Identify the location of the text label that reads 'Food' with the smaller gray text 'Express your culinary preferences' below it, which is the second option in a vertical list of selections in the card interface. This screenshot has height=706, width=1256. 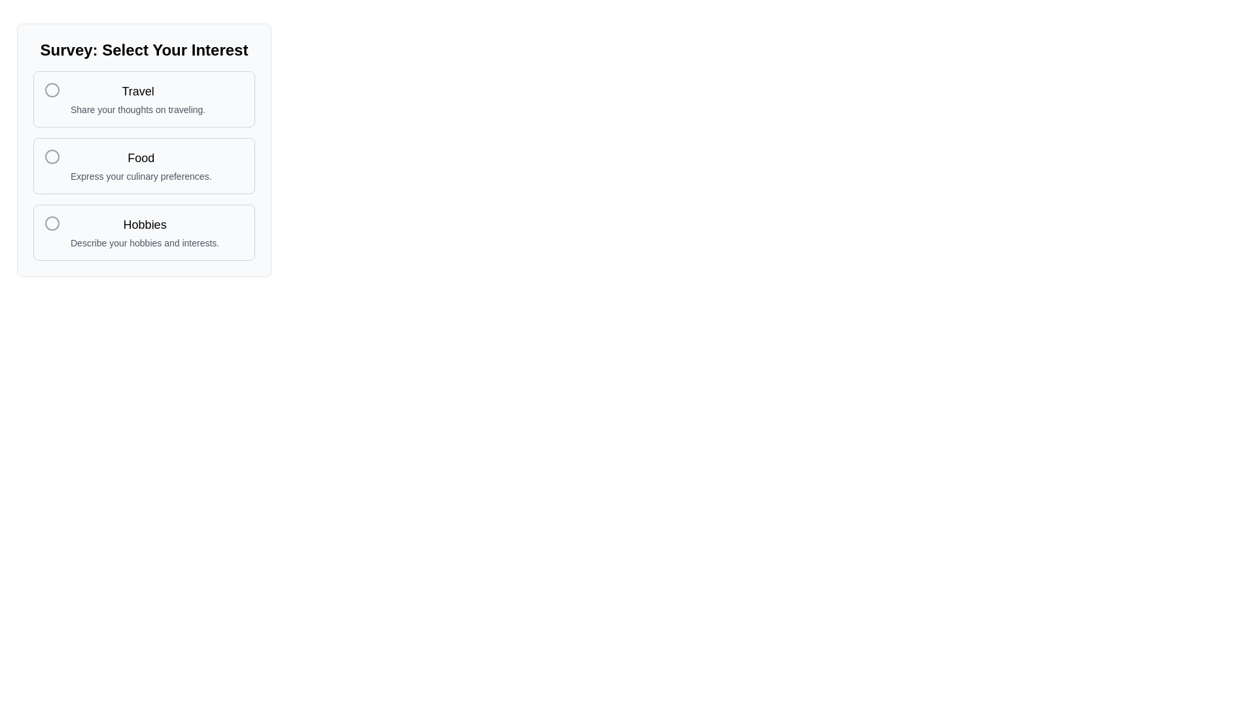
(141, 165).